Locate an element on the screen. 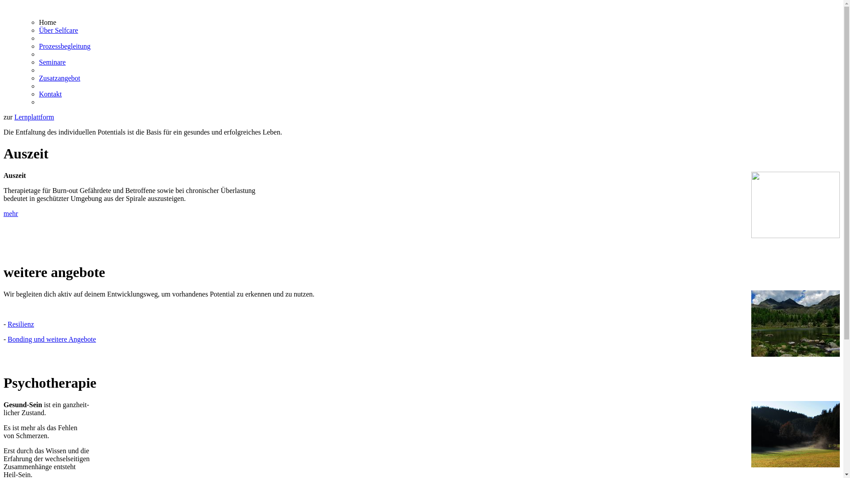 The image size is (850, 478). 'mehr' is located at coordinates (11, 213).